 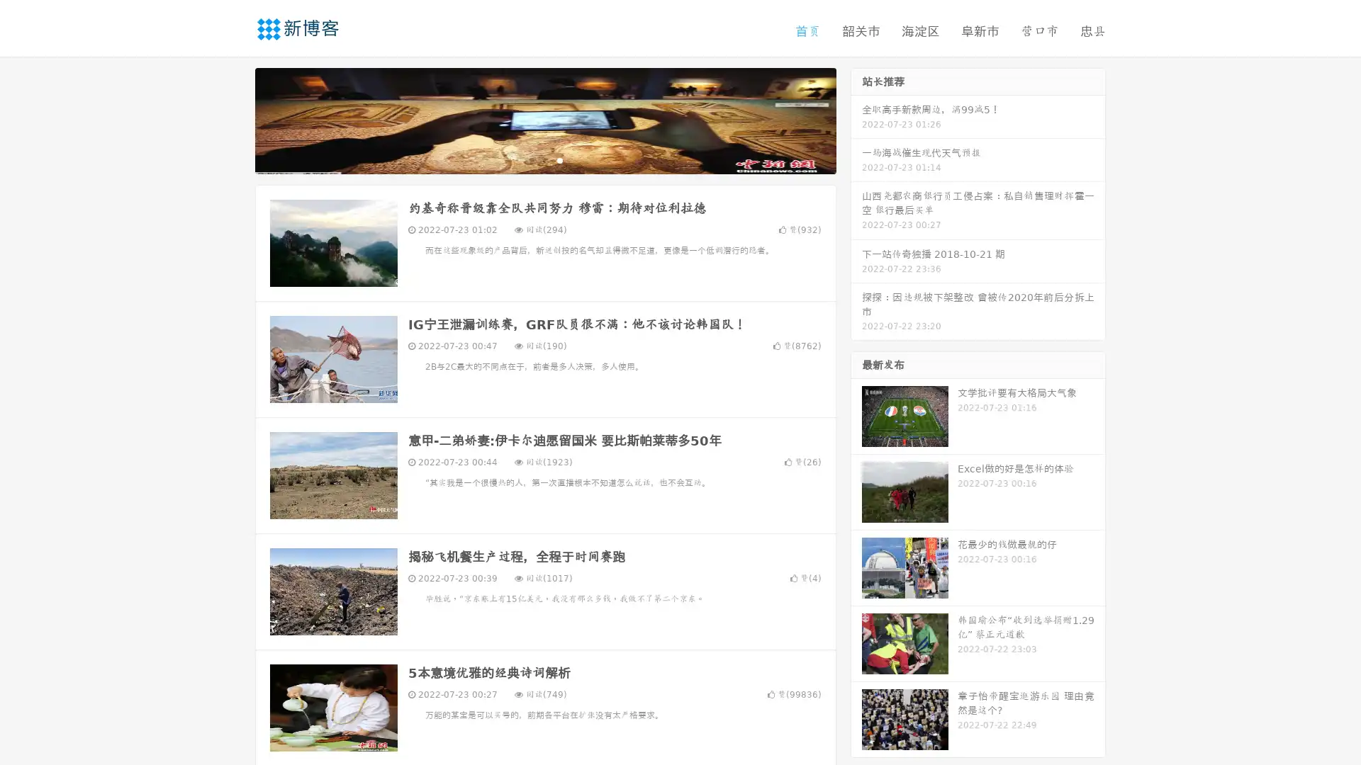 I want to click on Go to slide 2, so click(x=544, y=159).